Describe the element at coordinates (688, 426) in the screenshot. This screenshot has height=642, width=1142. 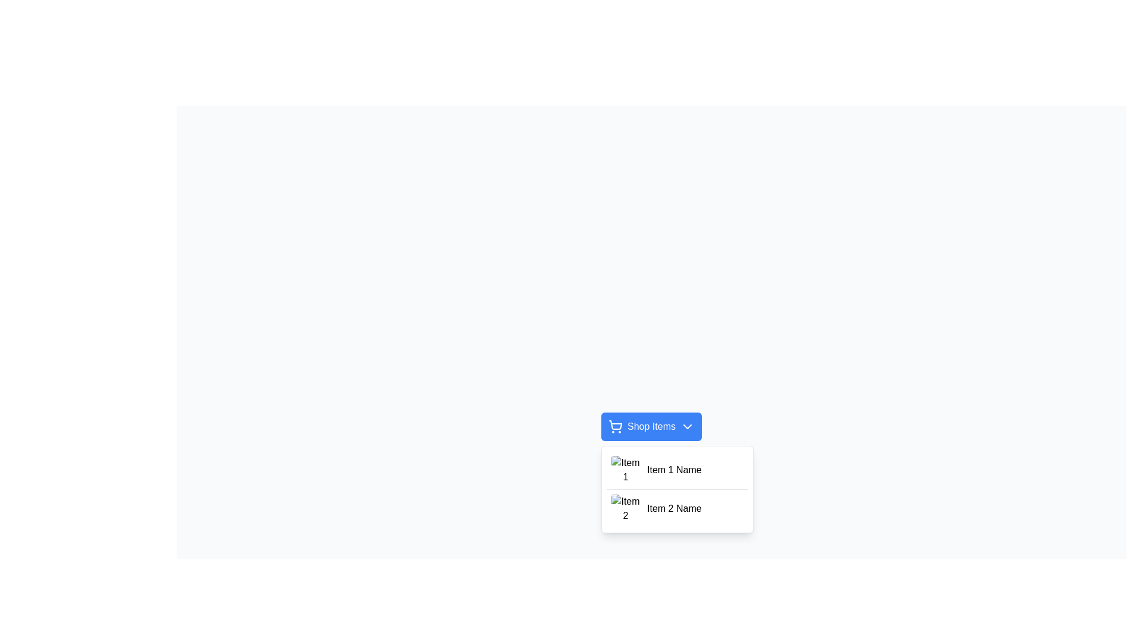
I see `the downward-pointing chevron icon located on the right side of the blue 'Shop Items' button` at that location.